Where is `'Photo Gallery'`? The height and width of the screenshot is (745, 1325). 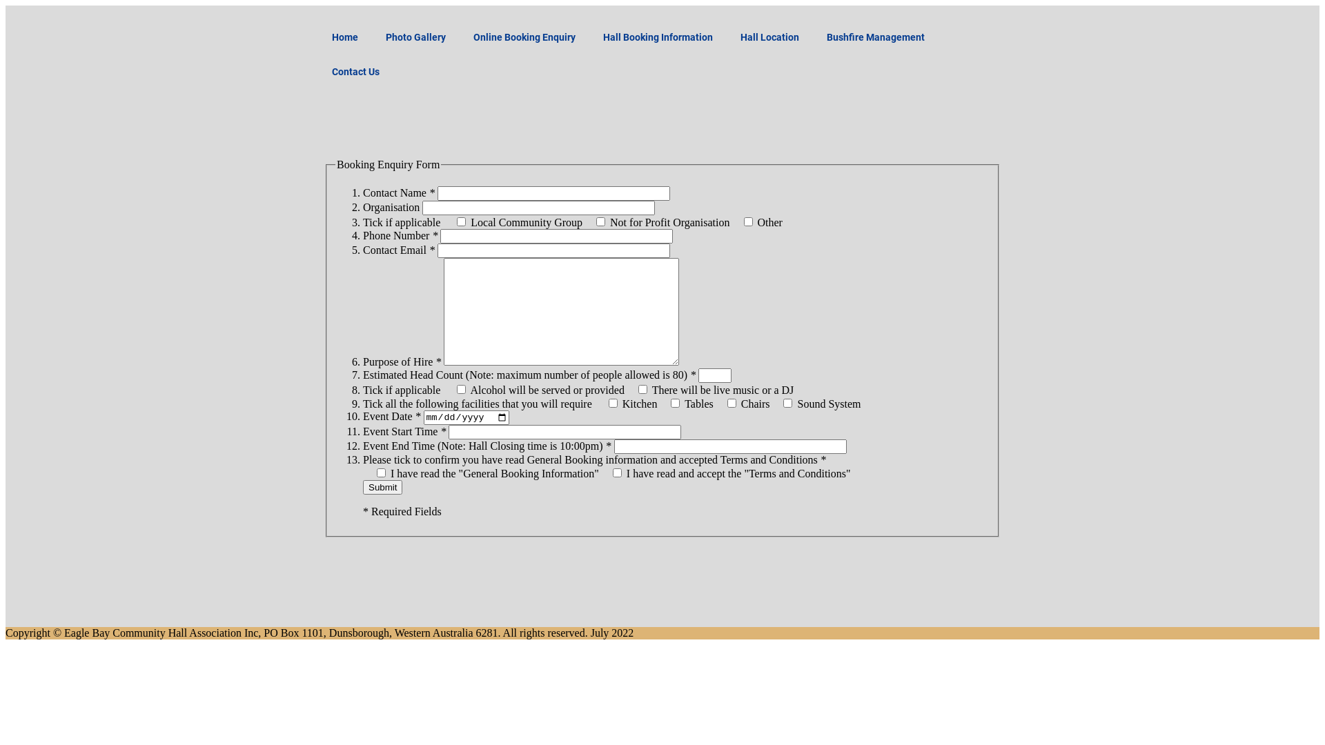
'Photo Gallery' is located at coordinates (415, 37).